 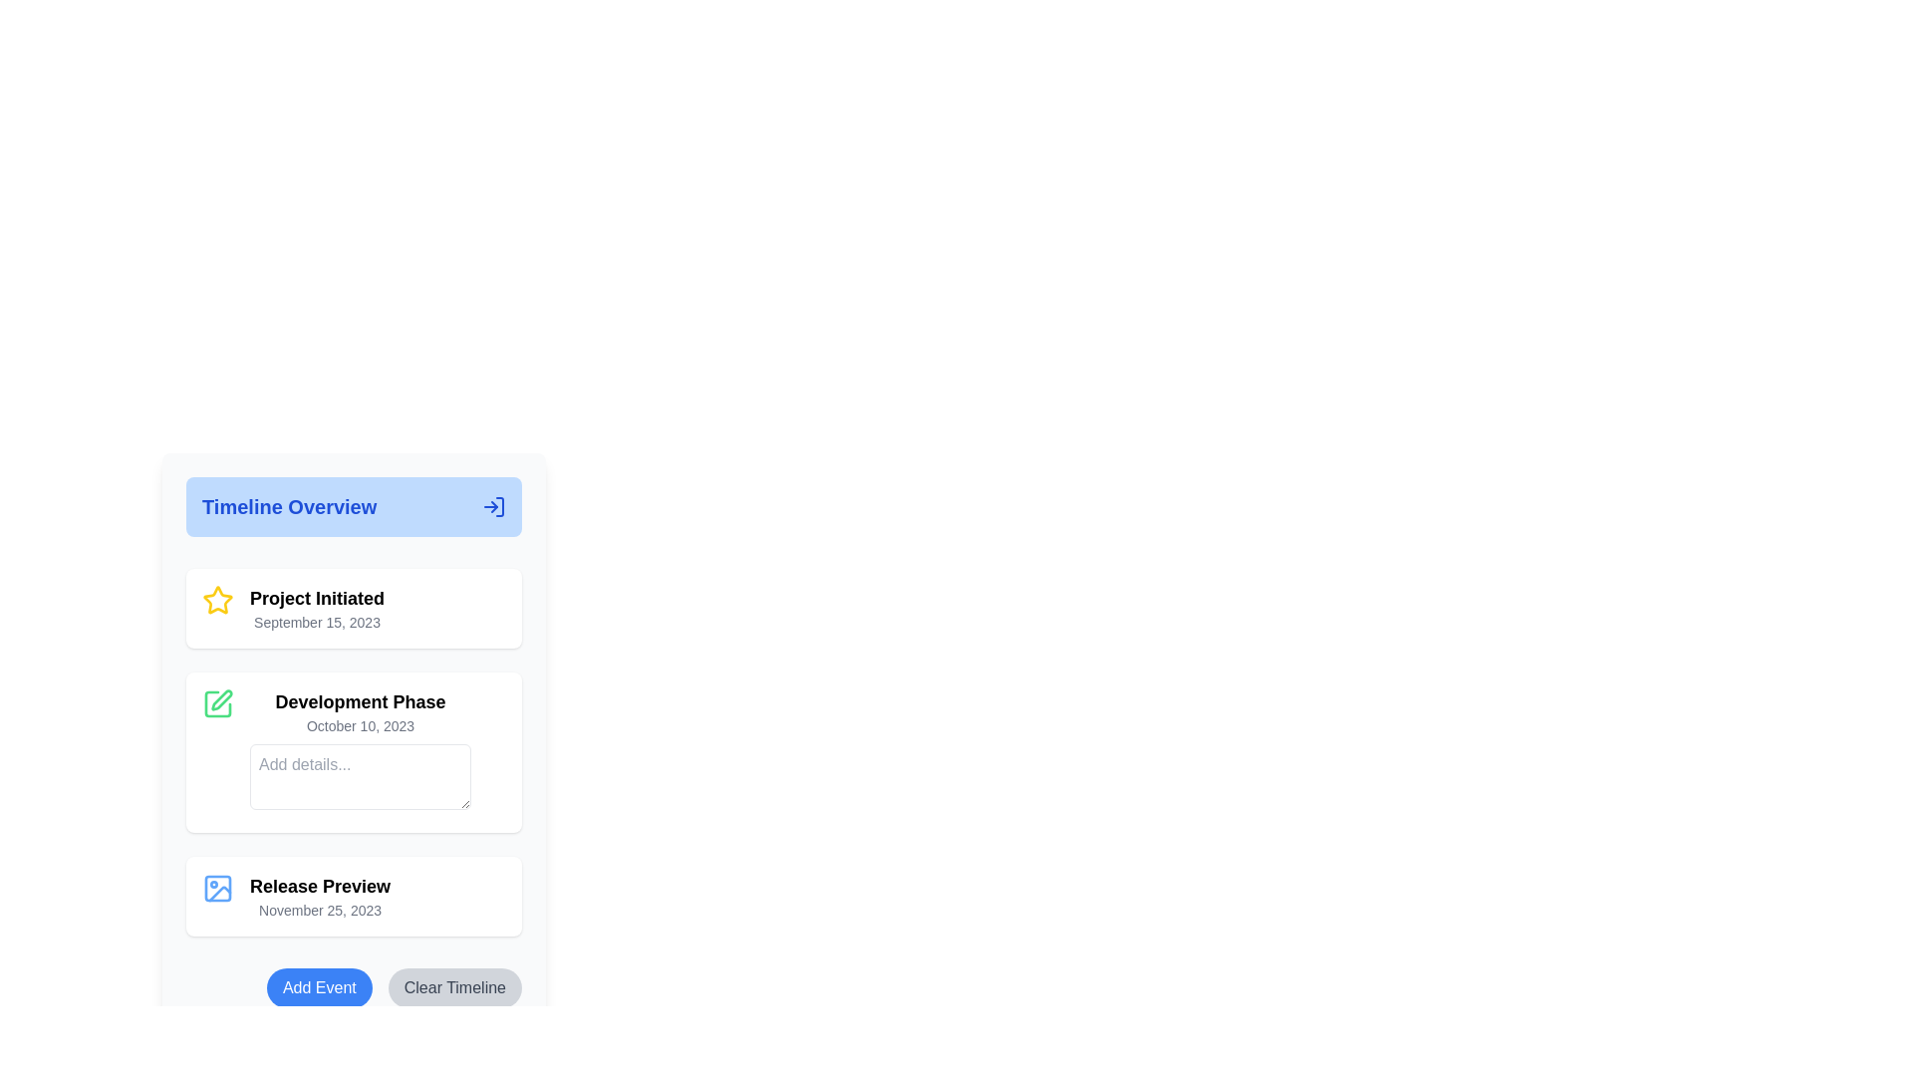 I want to click on the 'Project Initiated' state icon located to the left of the text 'Project Initiated' and its associated date in the timeline, so click(x=218, y=599).